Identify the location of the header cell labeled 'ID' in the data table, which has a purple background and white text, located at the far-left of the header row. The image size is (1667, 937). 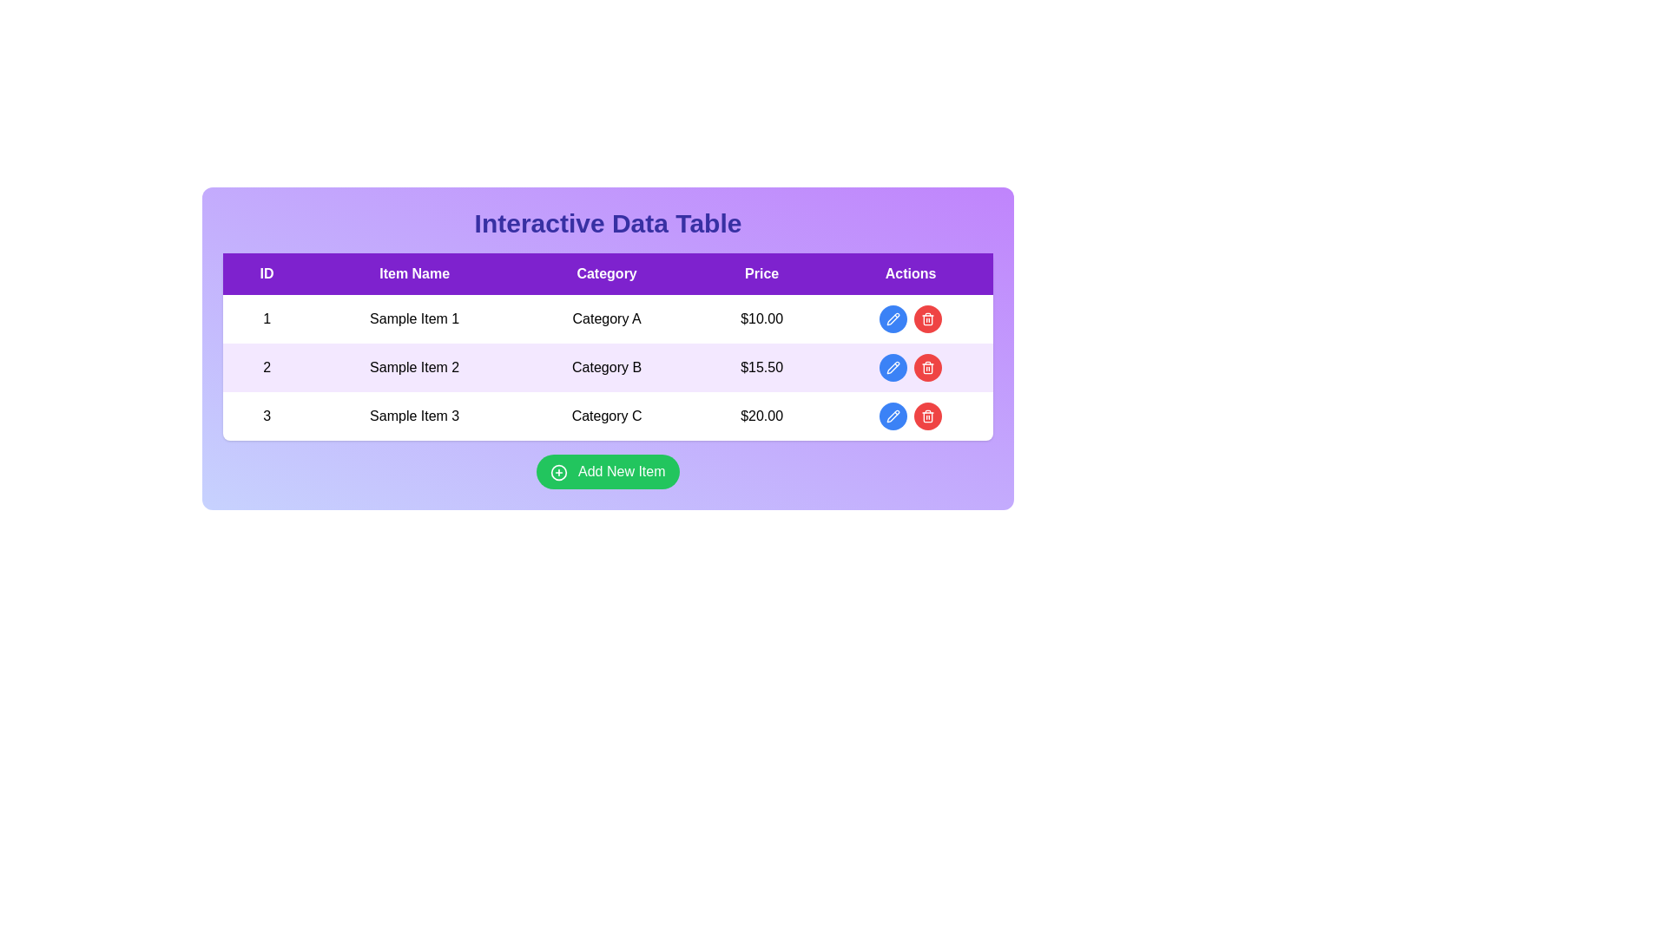
(266, 273).